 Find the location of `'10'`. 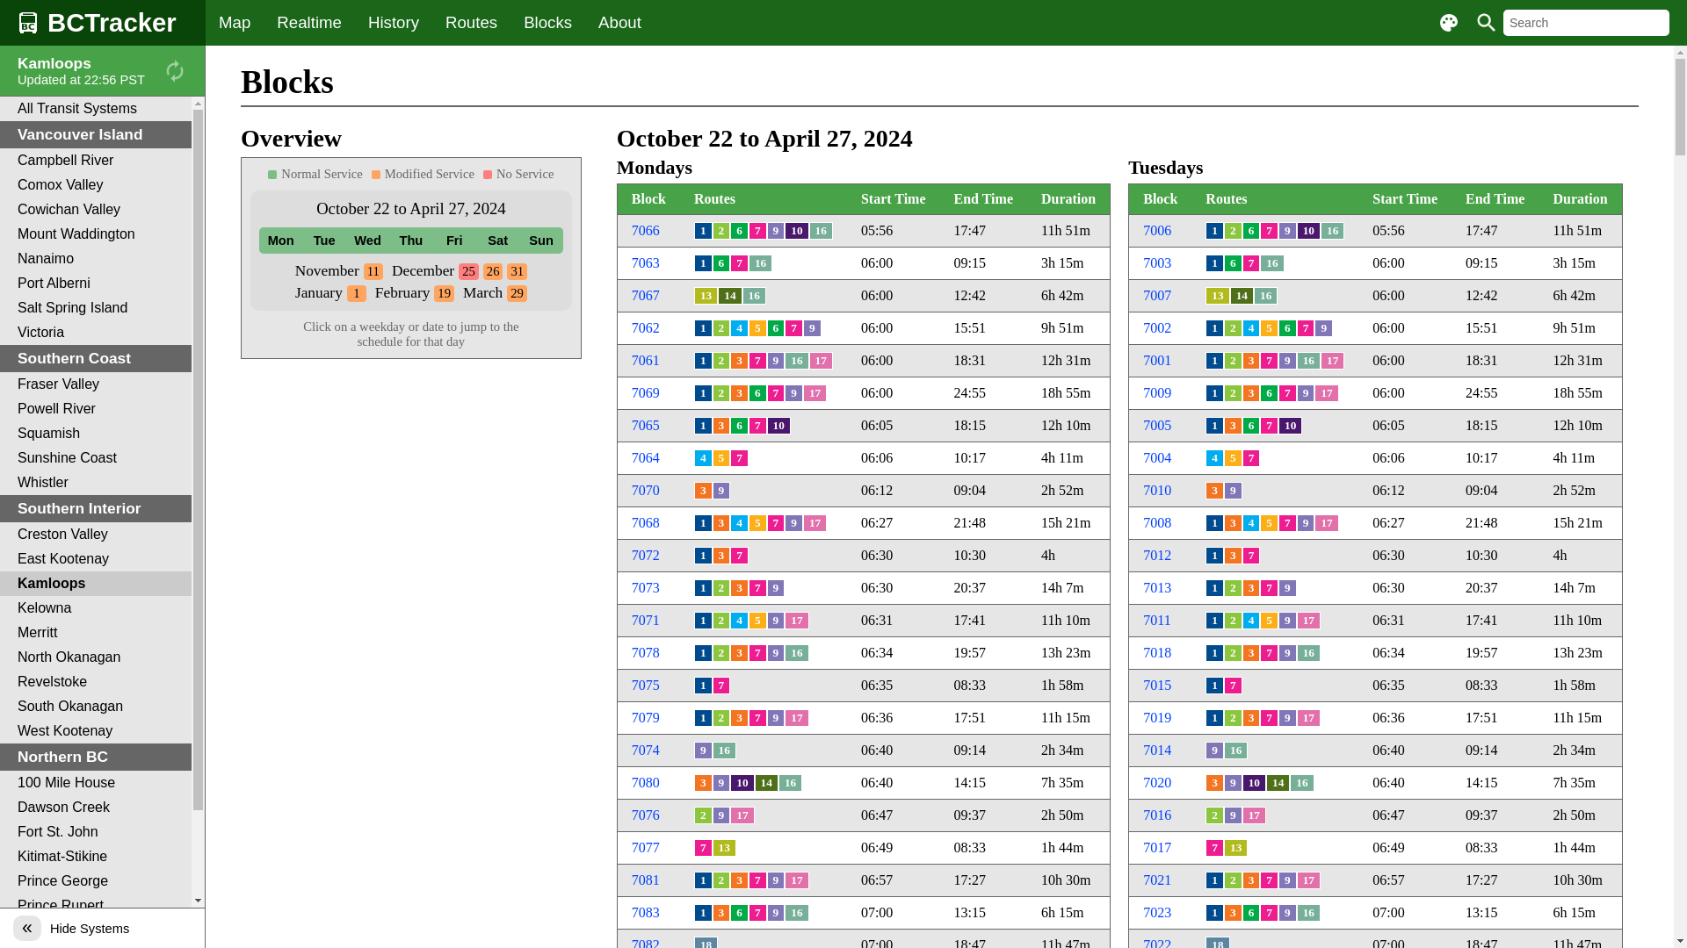

'10' is located at coordinates (1290, 426).